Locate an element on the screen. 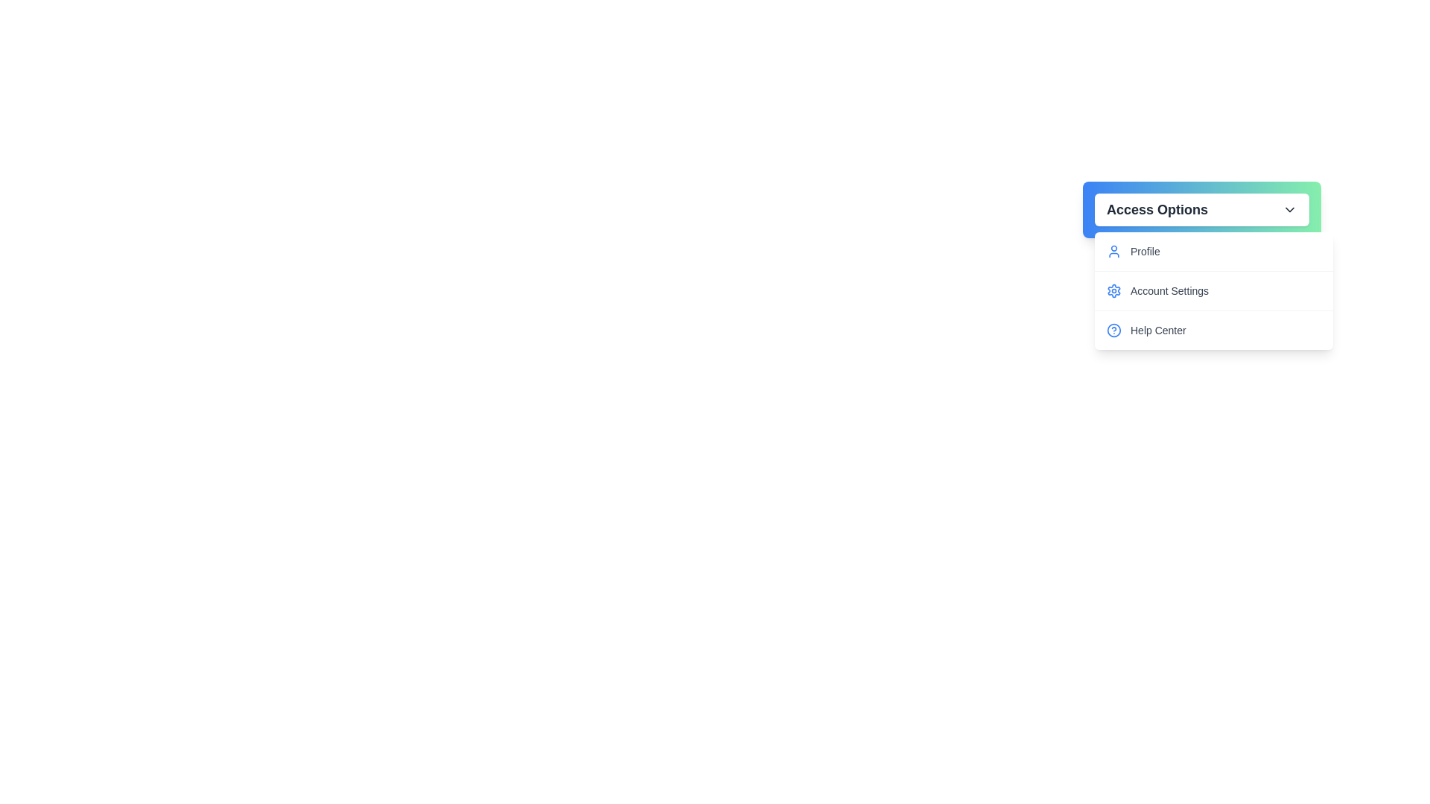  the second item in the dropdown menu, located below 'Profile' and above 'Help Center' is located at coordinates (1214, 290).